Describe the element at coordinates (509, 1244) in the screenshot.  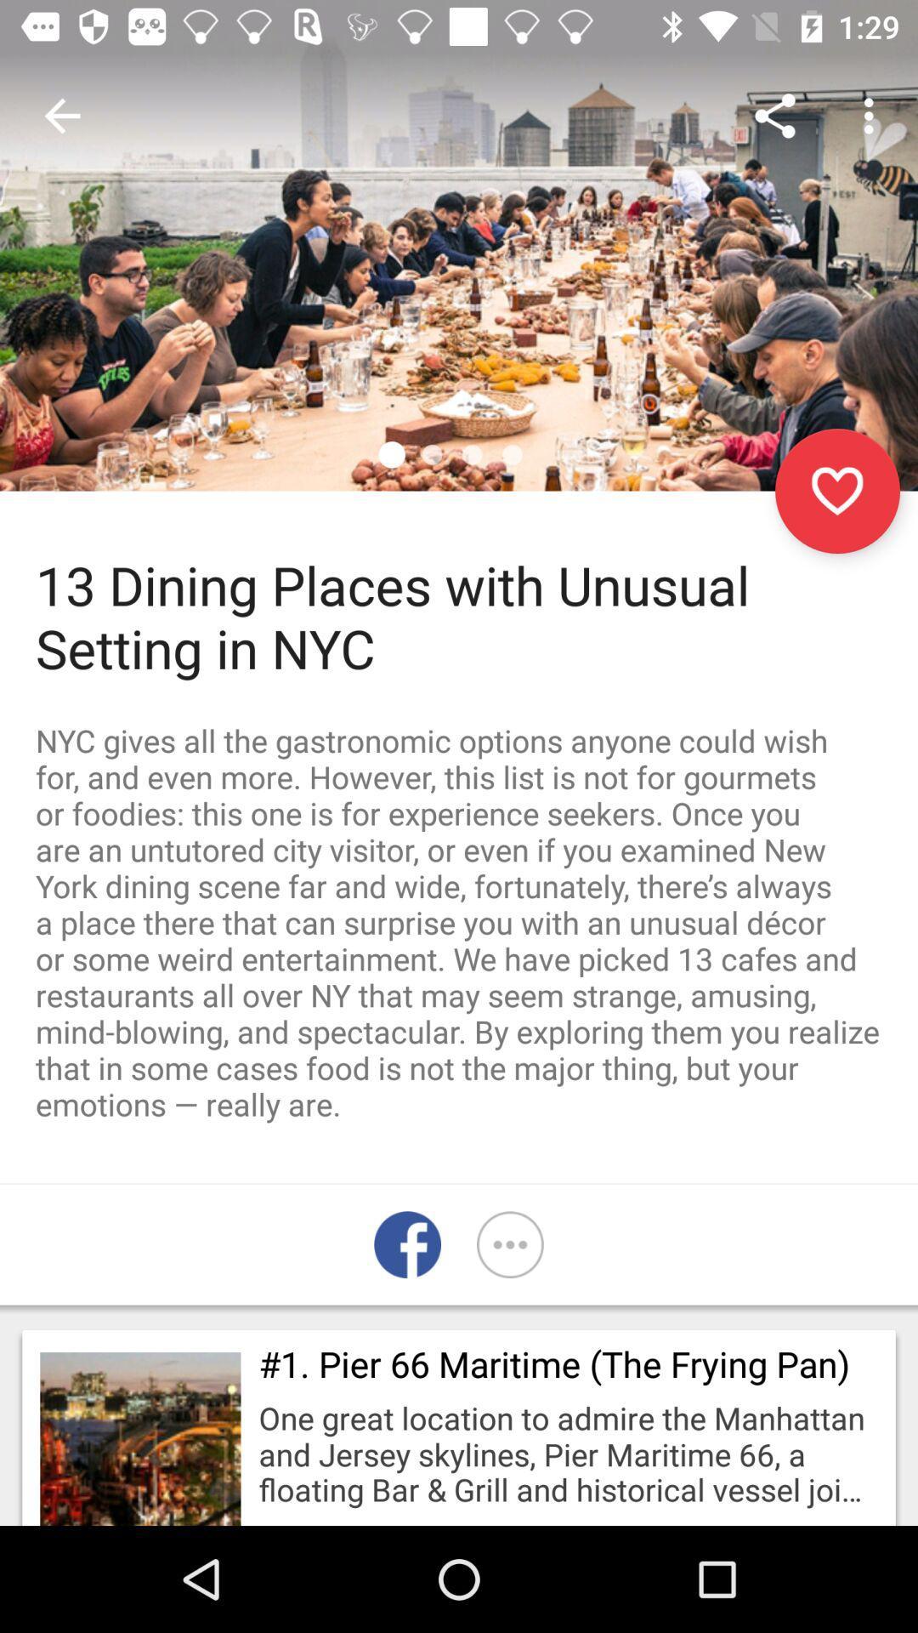
I see `open categories` at that location.